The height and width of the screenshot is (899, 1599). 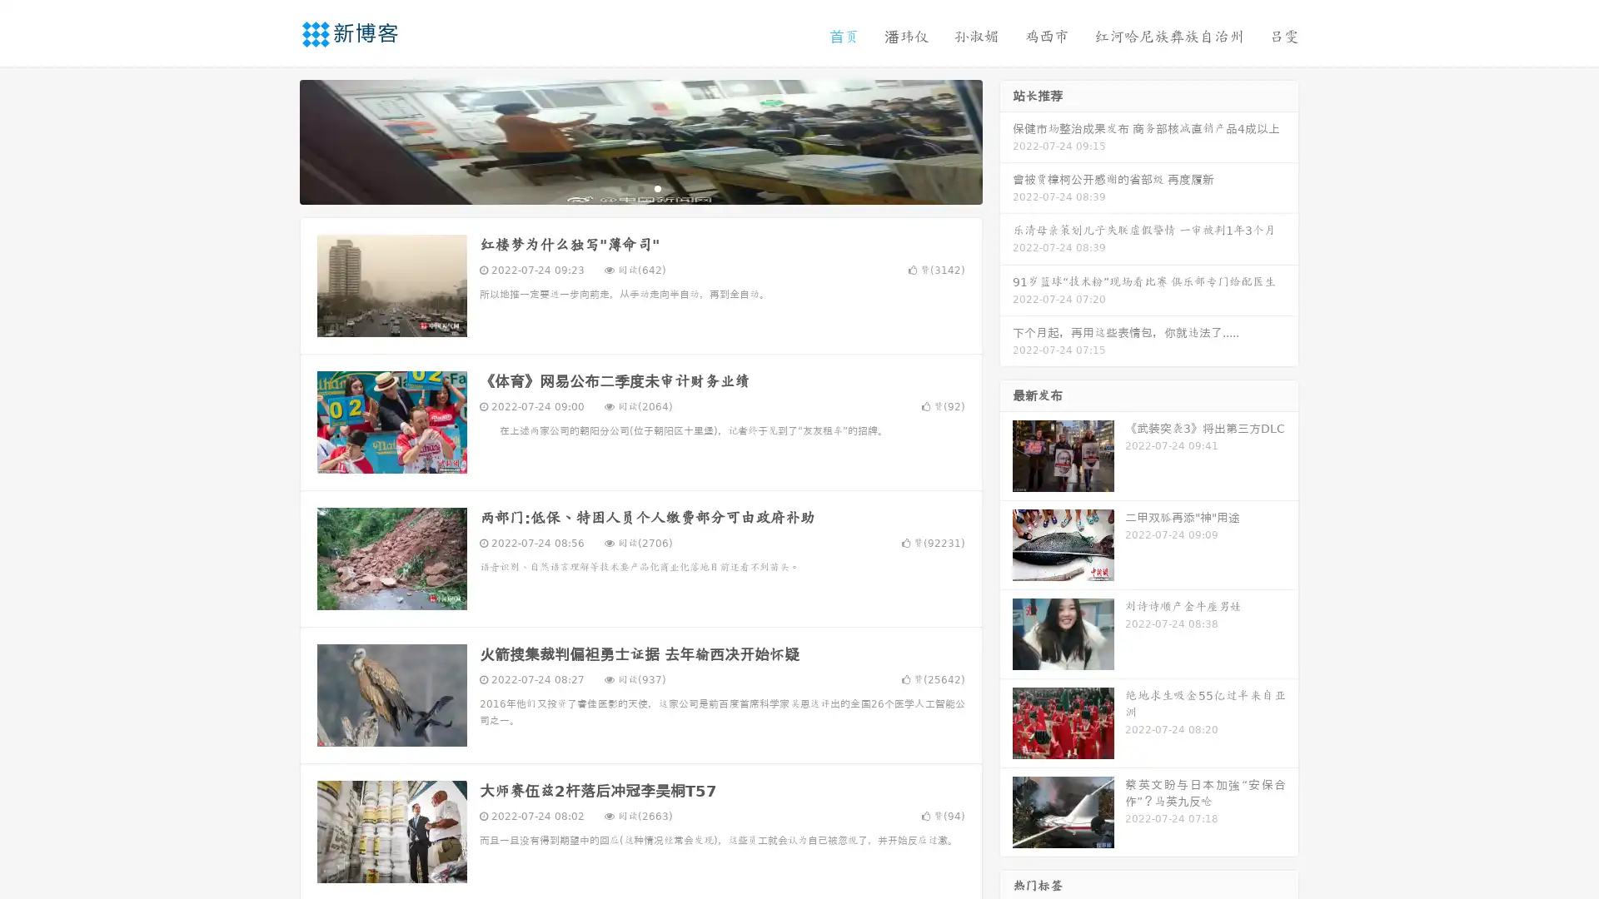 What do you see at coordinates (640, 187) in the screenshot?
I see `Go to slide 2` at bounding box center [640, 187].